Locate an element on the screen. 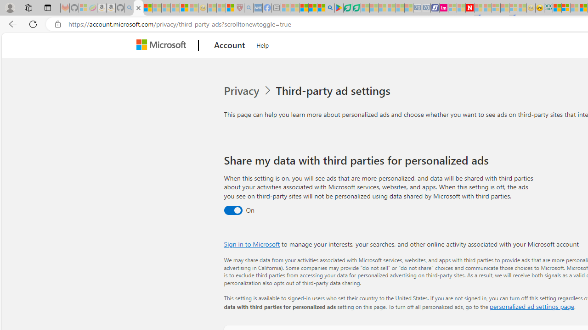 Image resolution: width=588 pixels, height=330 pixels. 'Microsoft Word - consumer-privacy address update 2.2021' is located at coordinates (356, 8).